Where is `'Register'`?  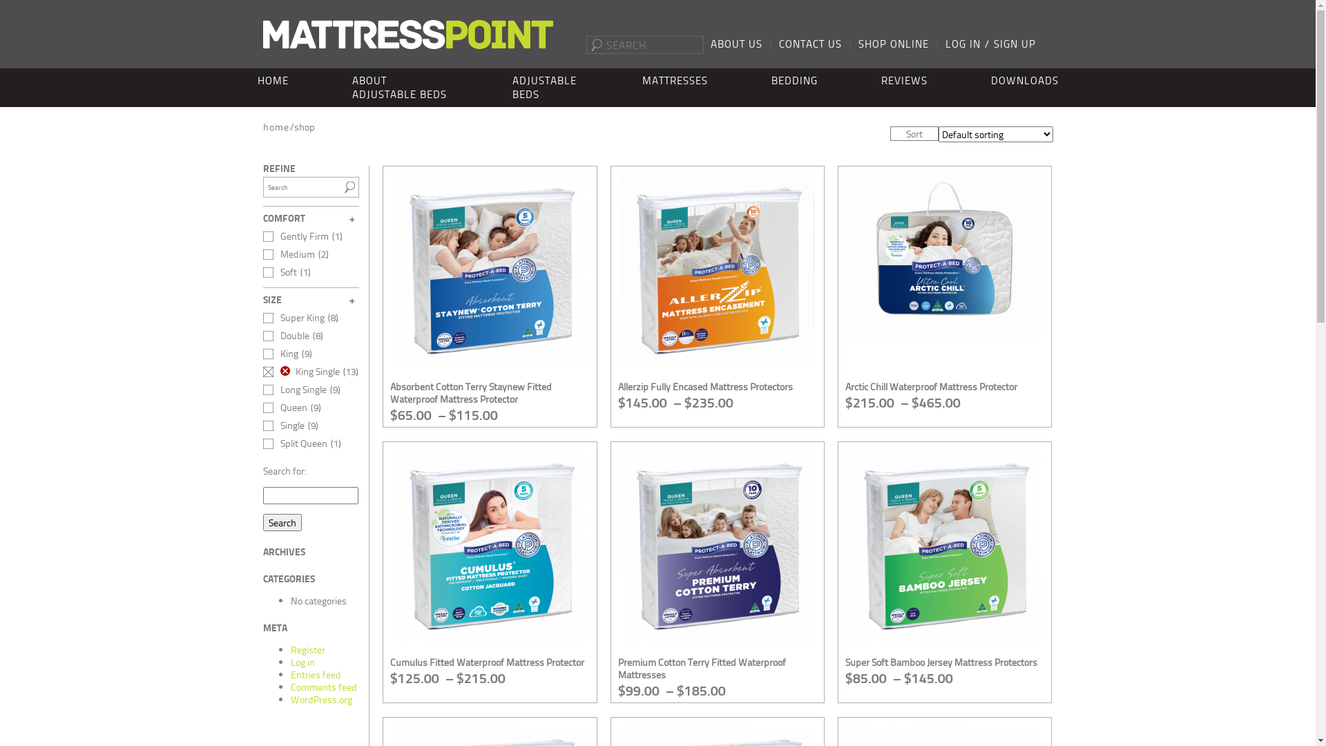 'Register' is located at coordinates (307, 649).